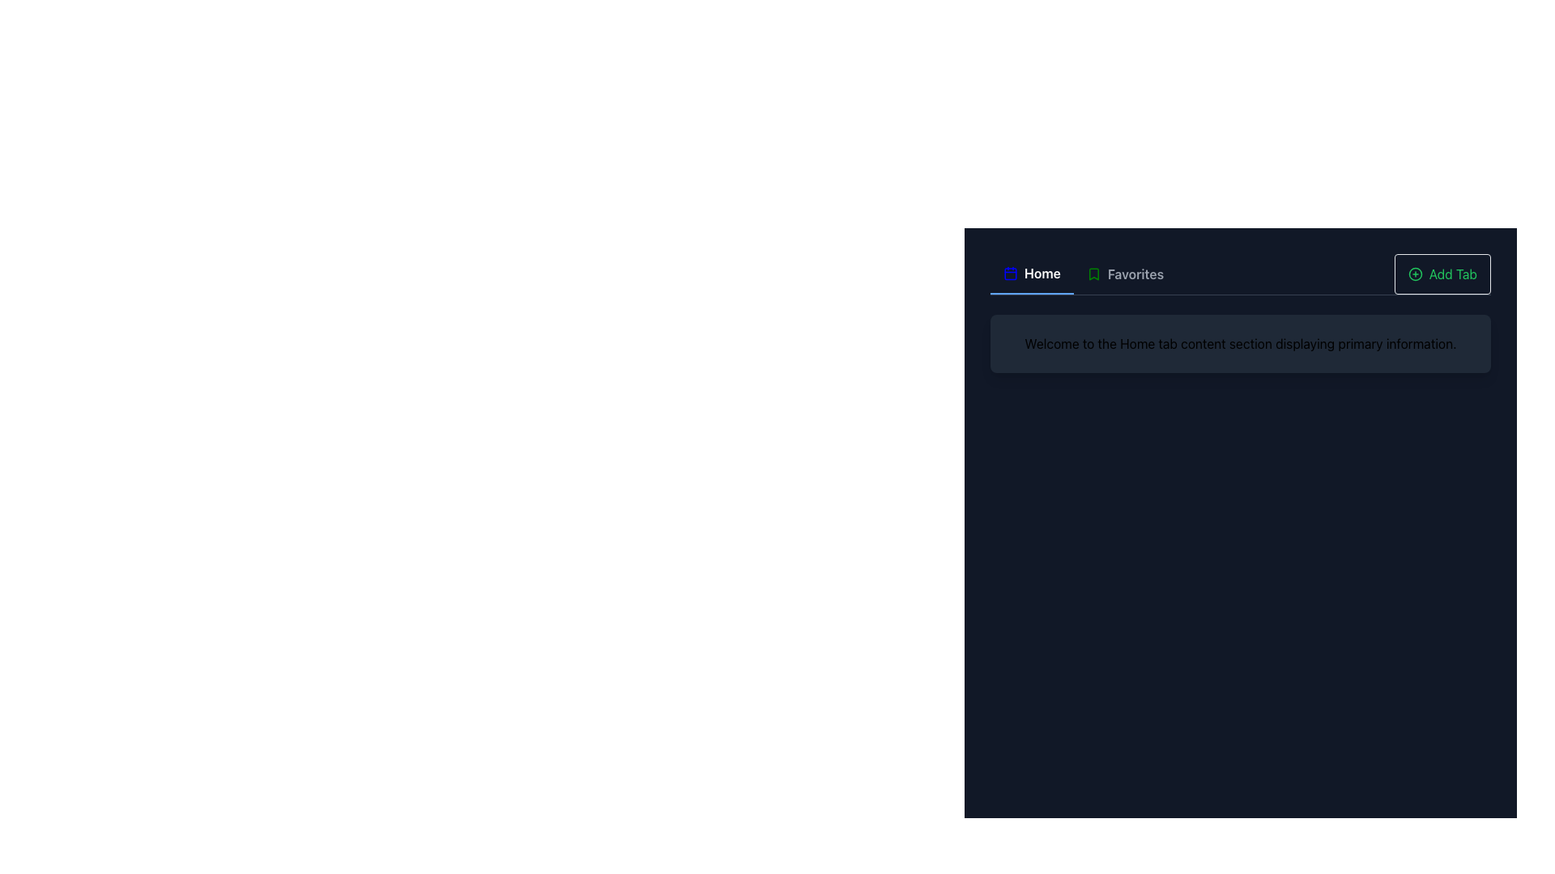 This screenshot has width=1555, height=874. Describe the element at coordinates (1093, 274) in the screenshot. I see `the bookmark icon, which is an SVG element outlined in green located in the top-right portion of the interface near the navigation bar` at that location.